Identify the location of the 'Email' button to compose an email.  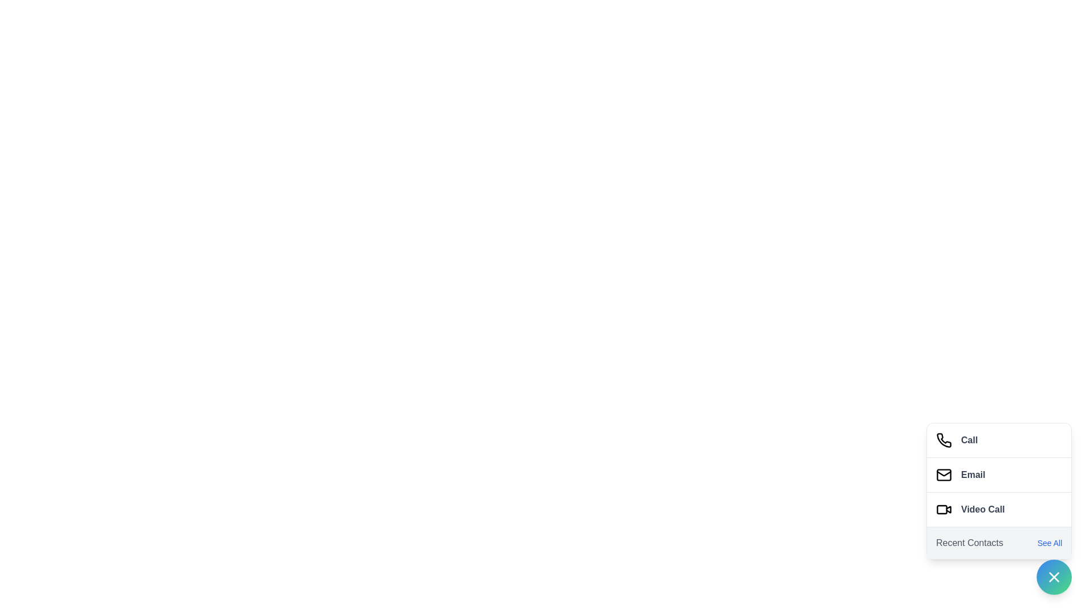
(999, 475).